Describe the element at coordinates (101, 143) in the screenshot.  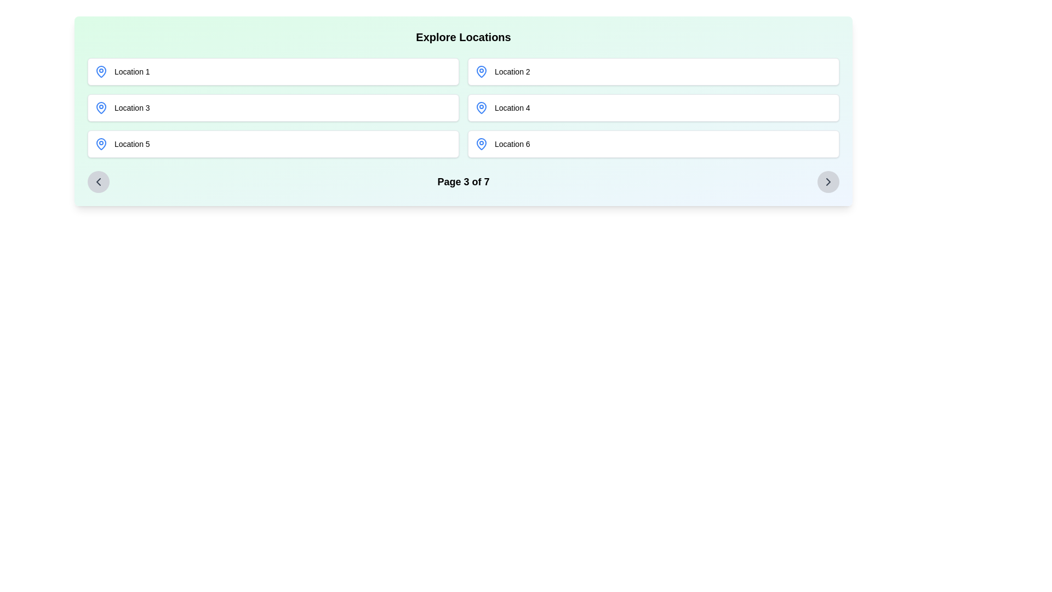
I see `the location marker icon associated with the 'Location 5' label, which is positioned to the left of the text within a card layout` at that location.